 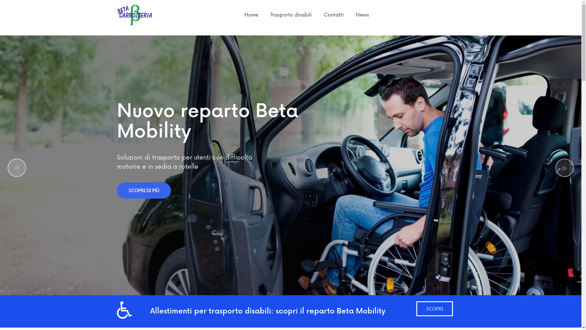 What do you see at coordinates (333, 15) in the screenshot?
I see `'Contatti'` at bounding box center [333, 15].